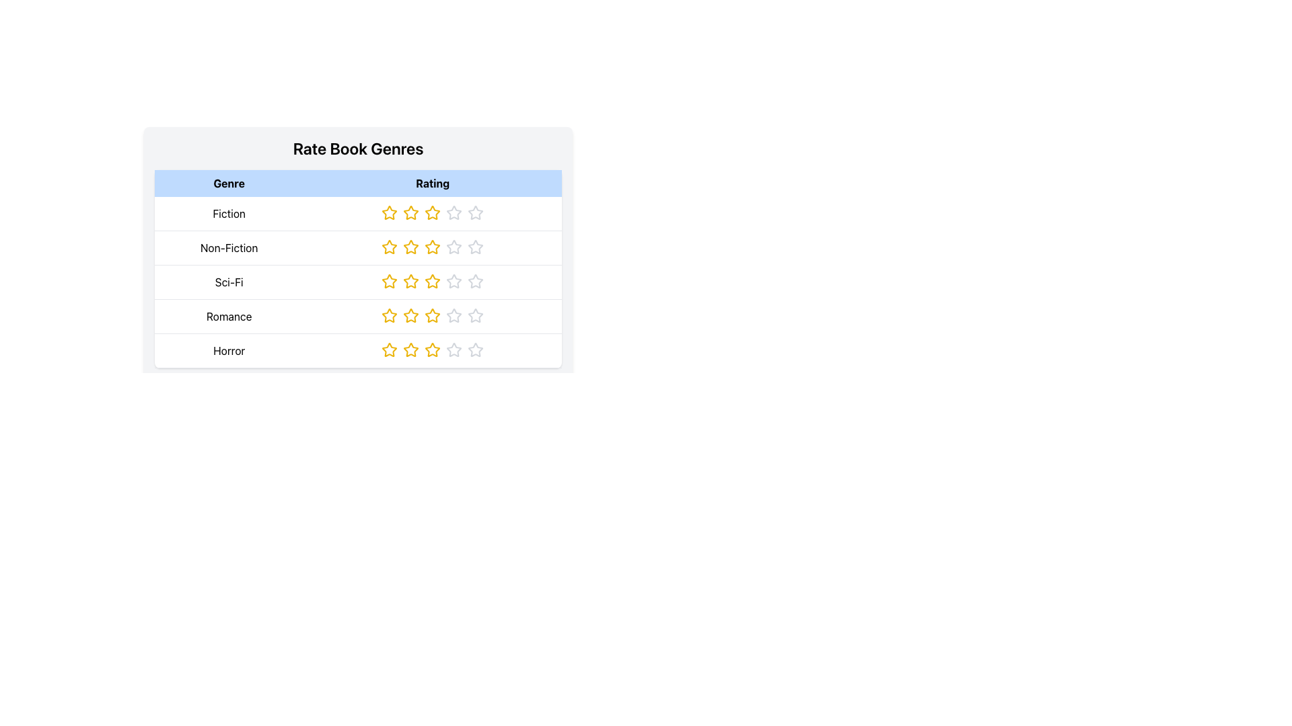 The width and height of the screenshot is (1292, 726). What do you see at coordinates (433, 212) in the screenshot?
I see `the third star-shaped icon with a yellow outline` at bounding box center [433, 212].